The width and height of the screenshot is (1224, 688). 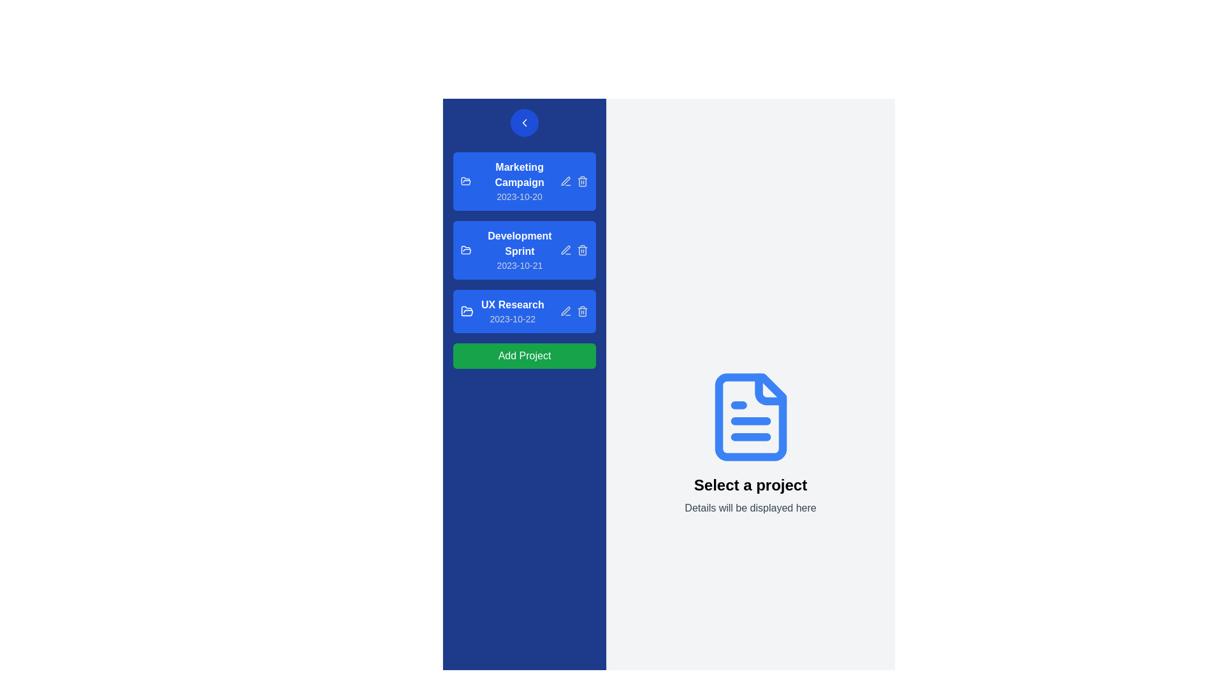 I want to click on the folder icon representing the 'Marketing Campaign' project in the left-side navigation panel, so click(x=465, y=181).